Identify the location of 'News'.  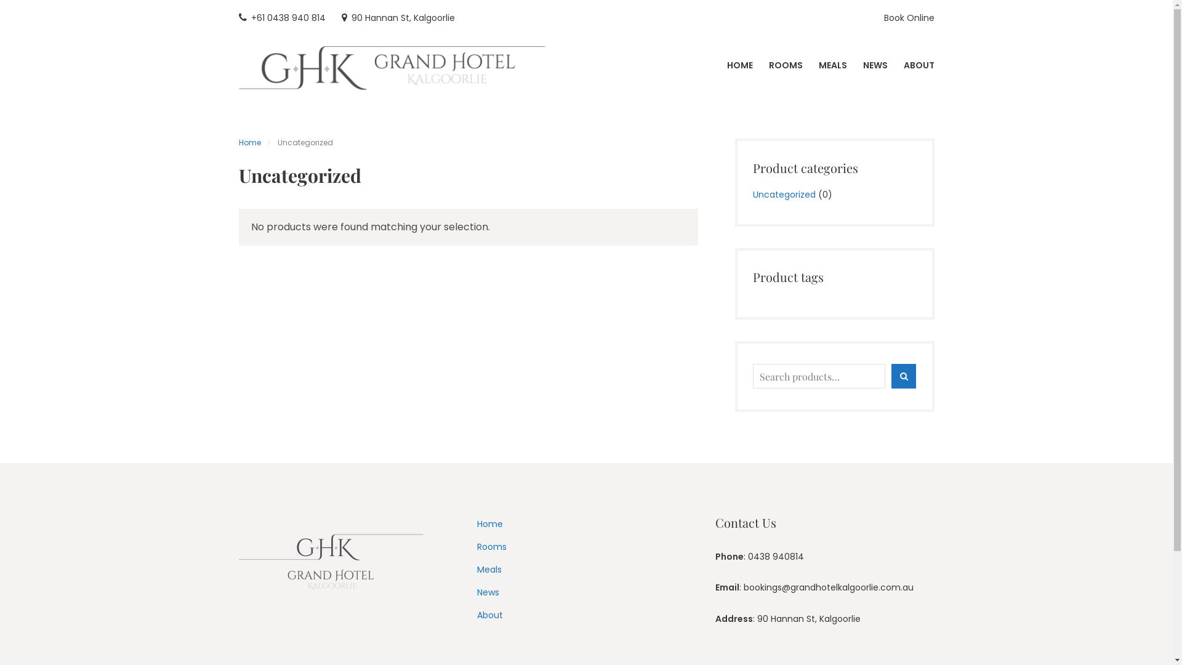
(487, 591).